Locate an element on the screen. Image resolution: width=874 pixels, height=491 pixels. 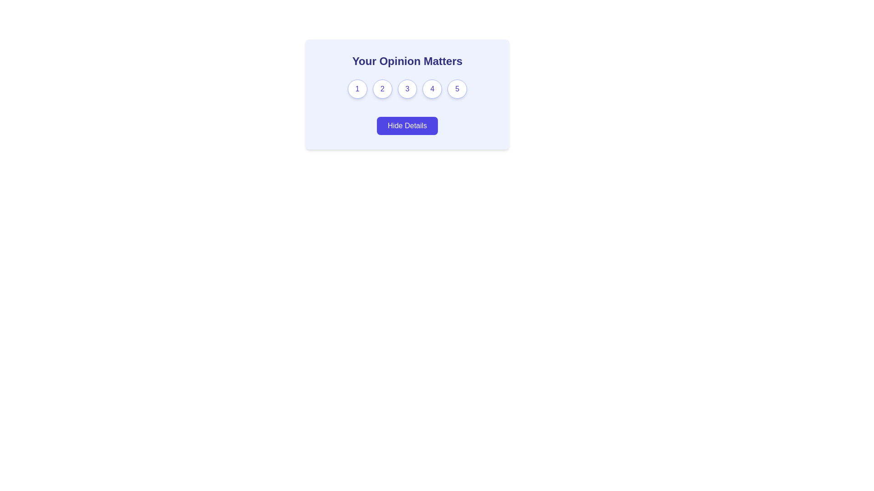
the fourth button in the horizontal row of rating buttons, located below 'Your Opinion Matters' and above the 'Hide Details' button is located at coordinates (432, 89).